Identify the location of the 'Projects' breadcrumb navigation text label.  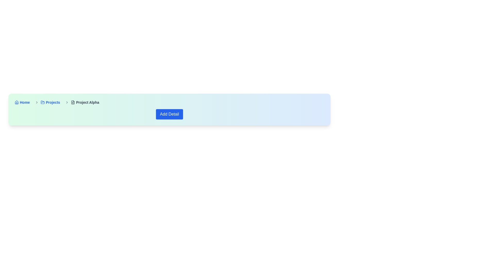
(53, 102).